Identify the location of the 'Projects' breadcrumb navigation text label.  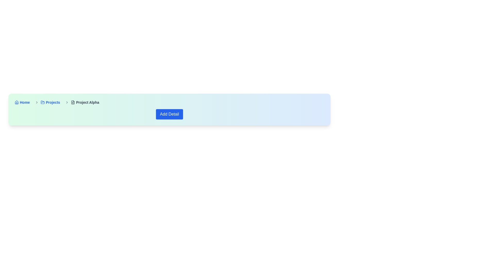
(53, 102).